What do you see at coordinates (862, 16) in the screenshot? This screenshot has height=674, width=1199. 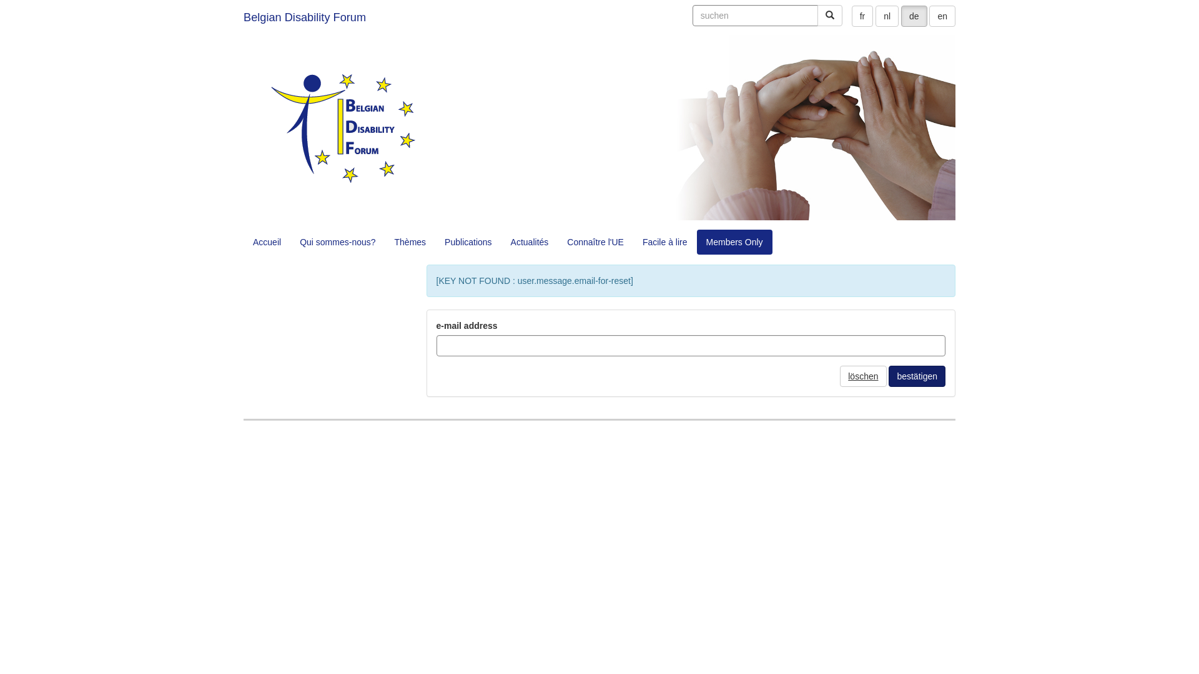 I see `'fr'` at bounding box center [862, 16].